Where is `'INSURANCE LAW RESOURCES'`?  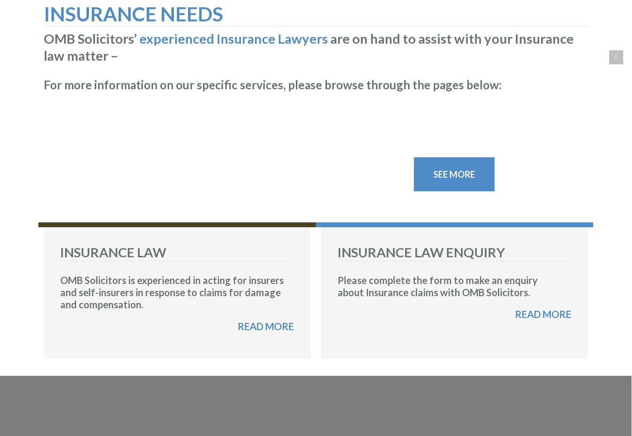
'INSURANCE LAW RESOURCES' is located at coordinates (149, 156).